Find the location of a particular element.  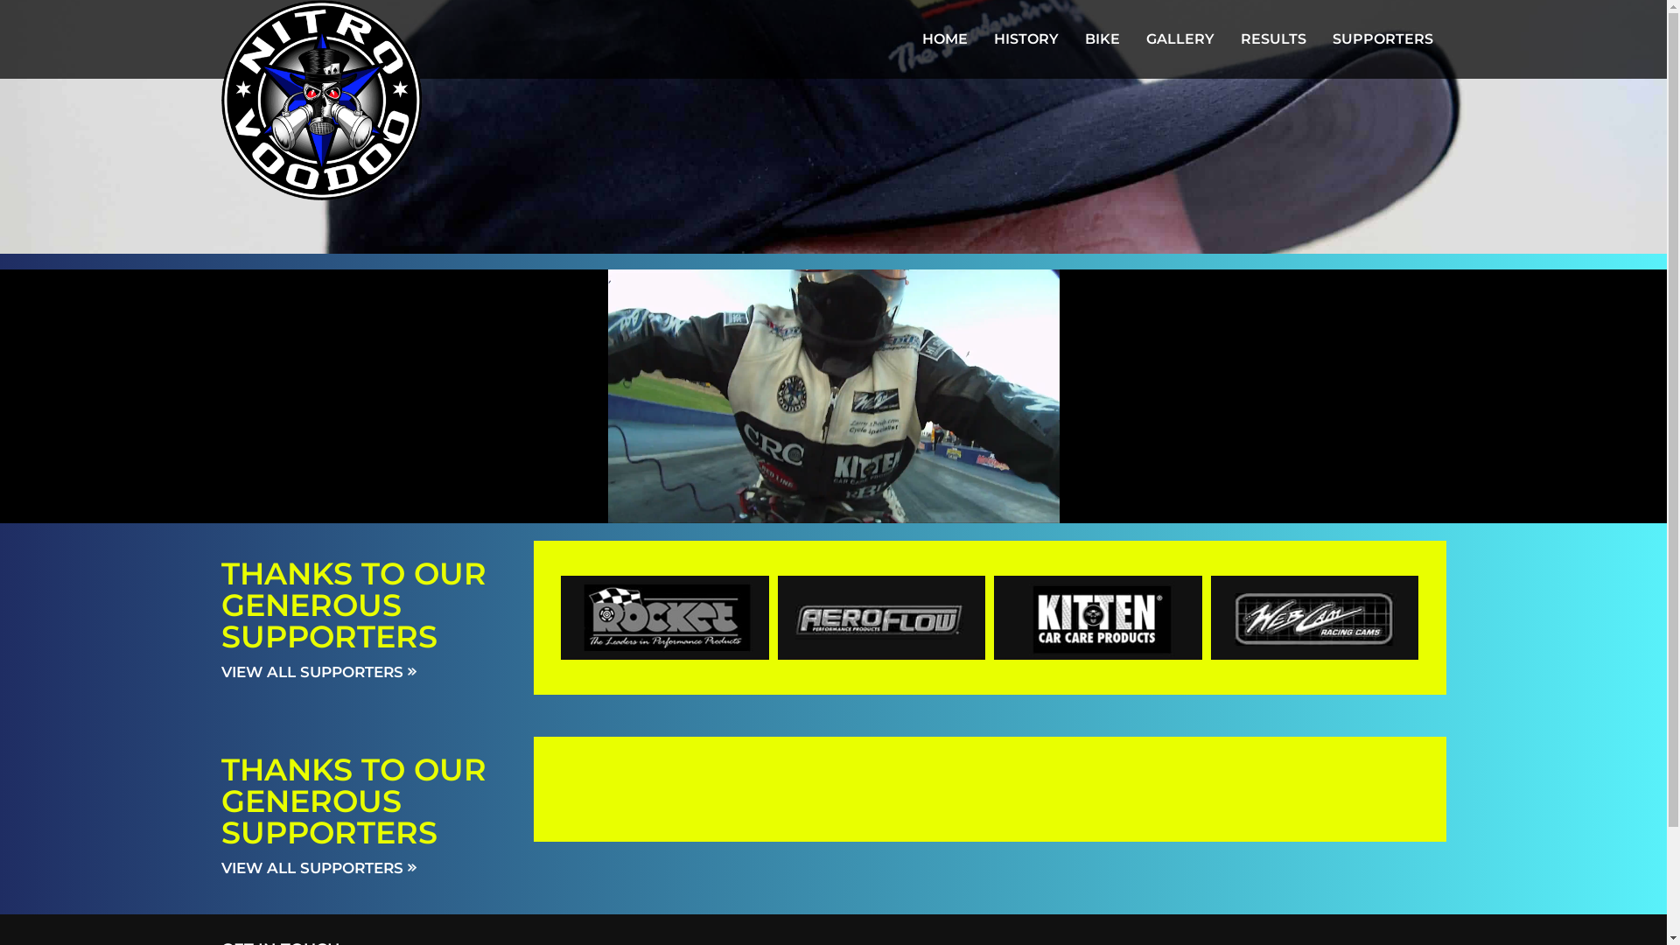

'VIEW ALL SUPPORTERS' is located at coordinates (220, 670).